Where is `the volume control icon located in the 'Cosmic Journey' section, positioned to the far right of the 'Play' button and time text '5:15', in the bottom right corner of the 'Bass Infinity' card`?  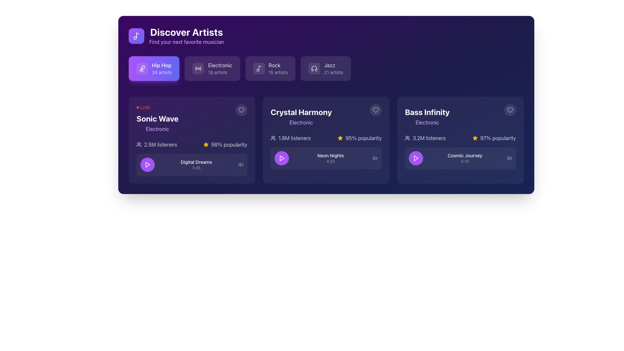
the volume control icon located in the 'Cosmic Journey' section, positioned to the far right of the 'Play' button and time text '5:15', in the bottom right corner of the 'Bass Infinity' card is located at coordinates (509, 158).